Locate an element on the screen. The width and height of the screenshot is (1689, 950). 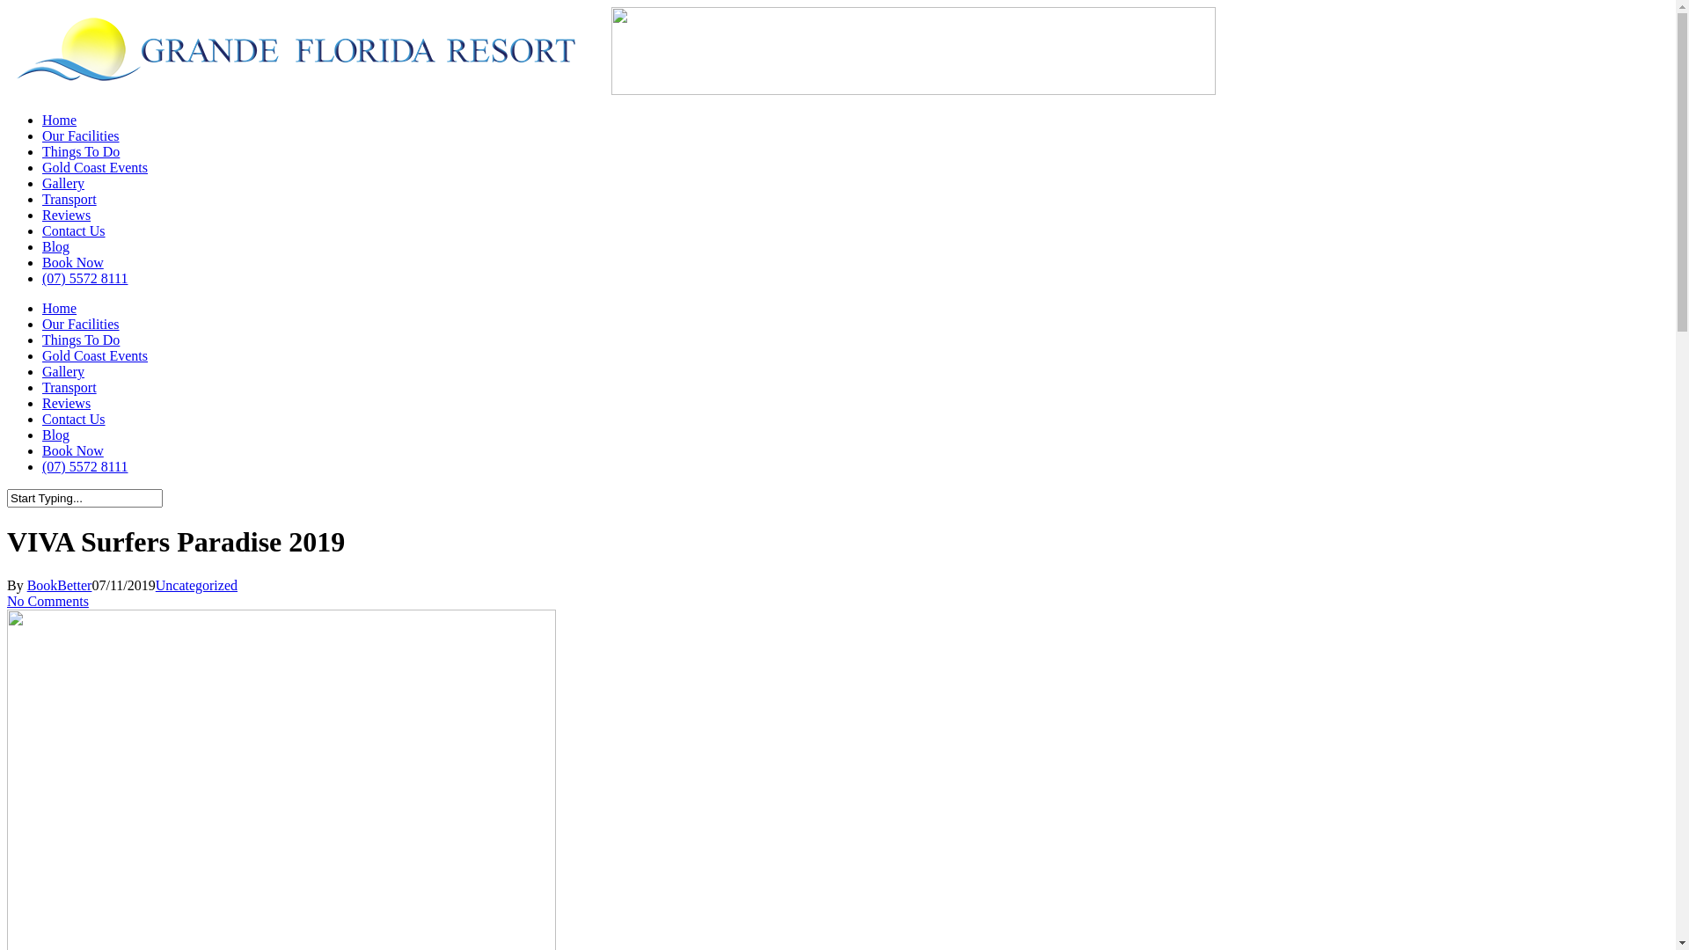
'(07) 5572 8111' is located at coordinates (84, 277).